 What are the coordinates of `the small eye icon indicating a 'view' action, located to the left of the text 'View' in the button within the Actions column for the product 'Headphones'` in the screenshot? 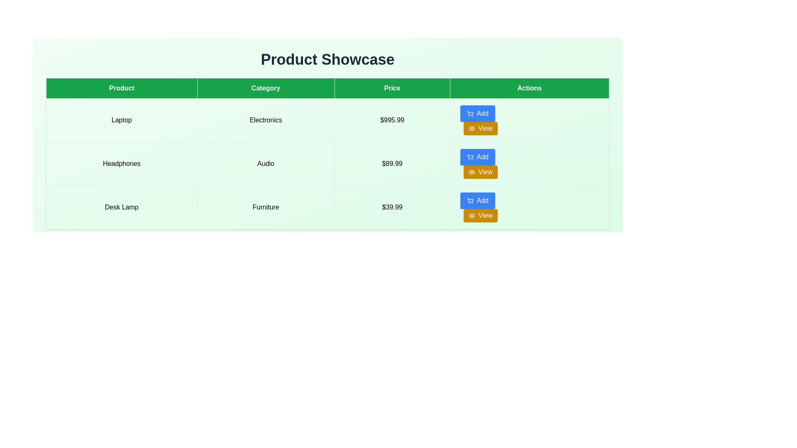 It's located at (472, 128).